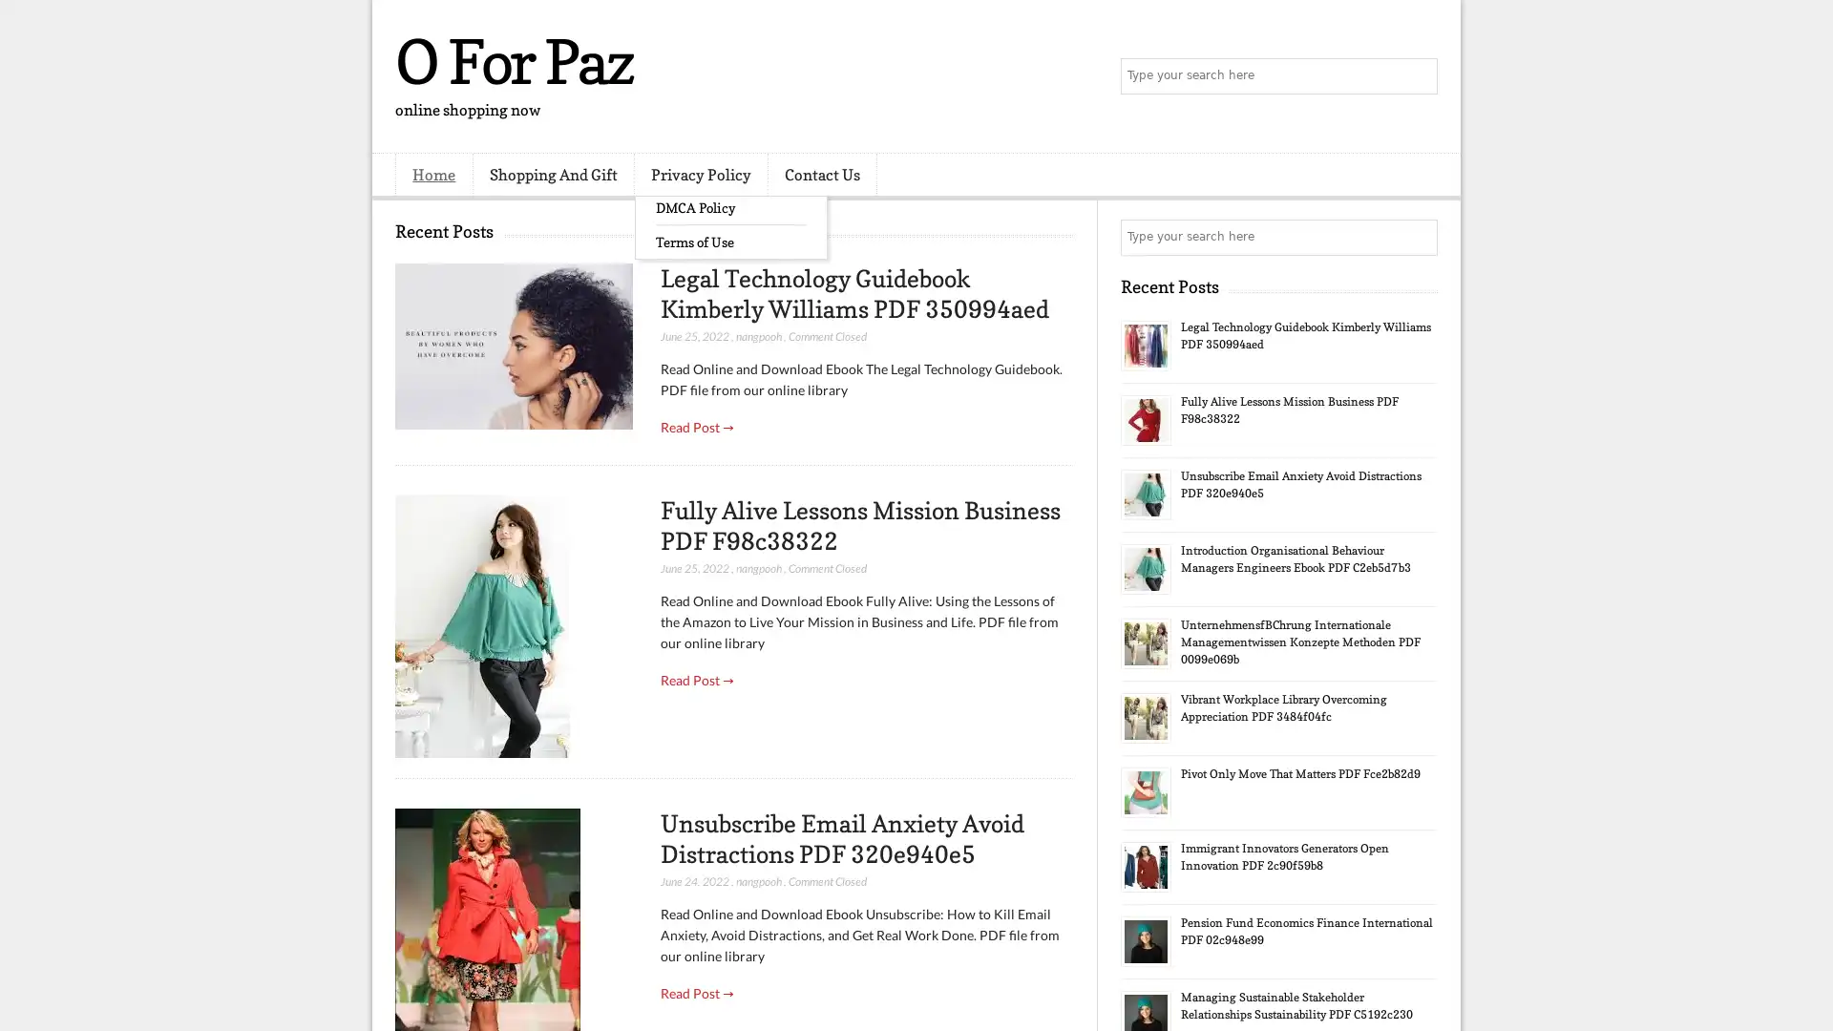 This screenshot has width=1833, height=1031. Describe the element at coordinates (1418, 237) in the screenshot. I see `Search` at that location.